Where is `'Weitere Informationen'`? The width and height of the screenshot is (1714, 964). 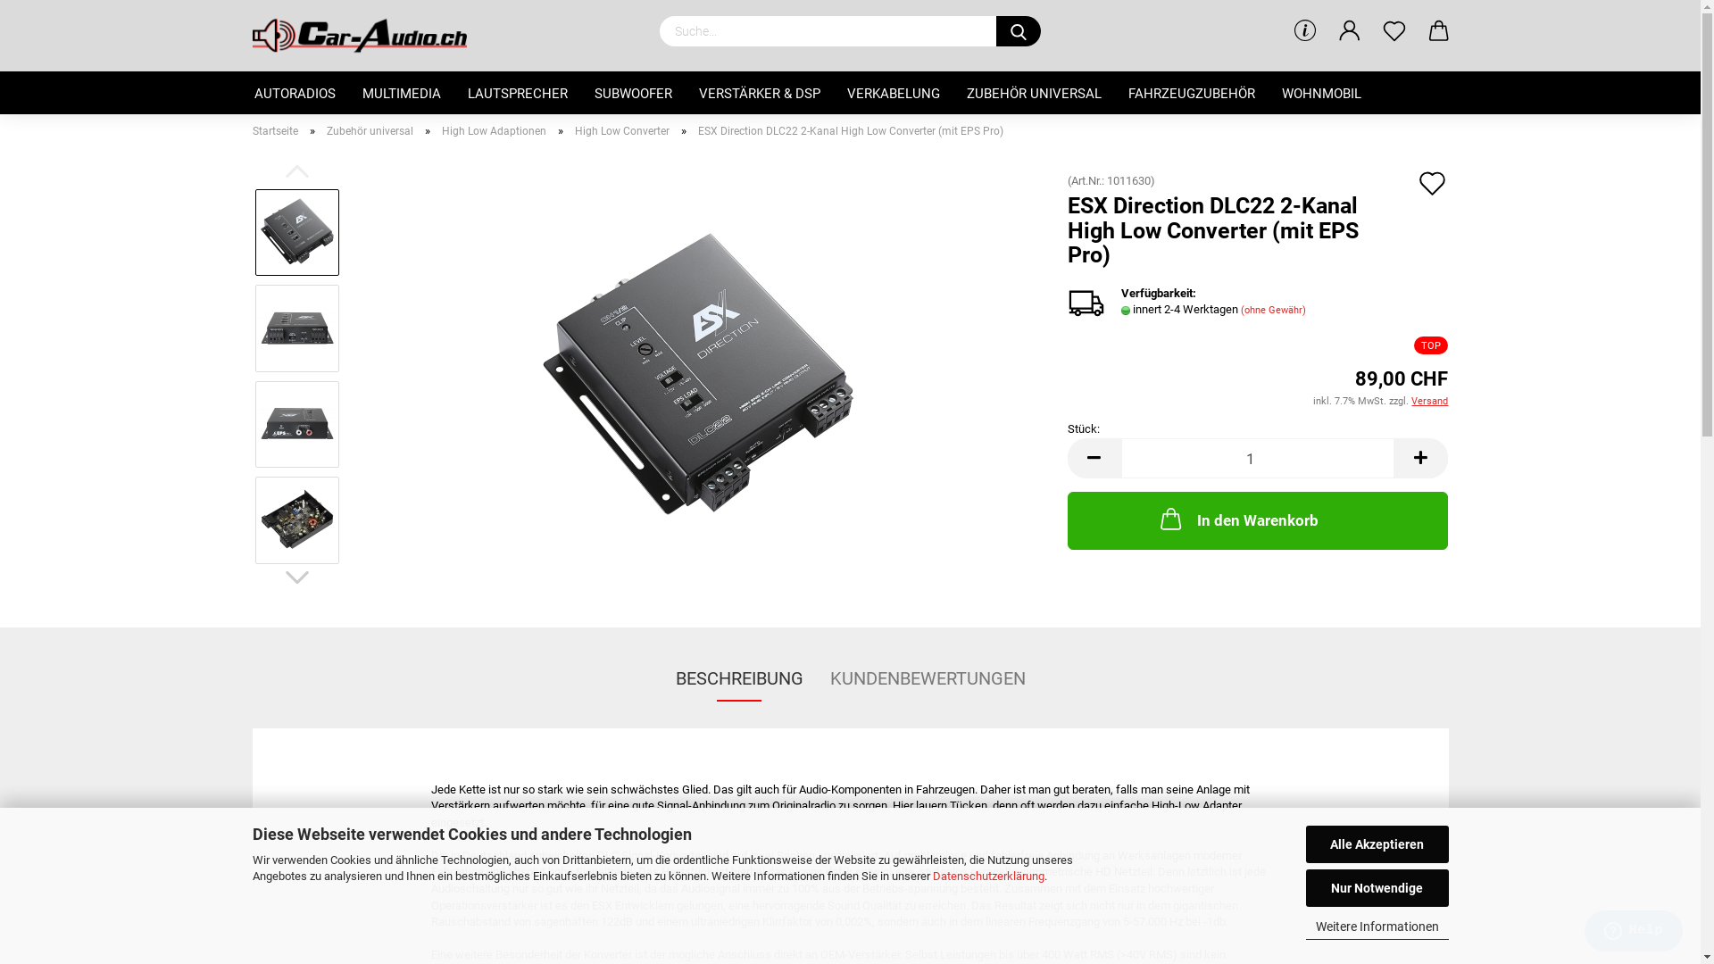
'Weitere Informationen' is located at coordinates (1305, 926).